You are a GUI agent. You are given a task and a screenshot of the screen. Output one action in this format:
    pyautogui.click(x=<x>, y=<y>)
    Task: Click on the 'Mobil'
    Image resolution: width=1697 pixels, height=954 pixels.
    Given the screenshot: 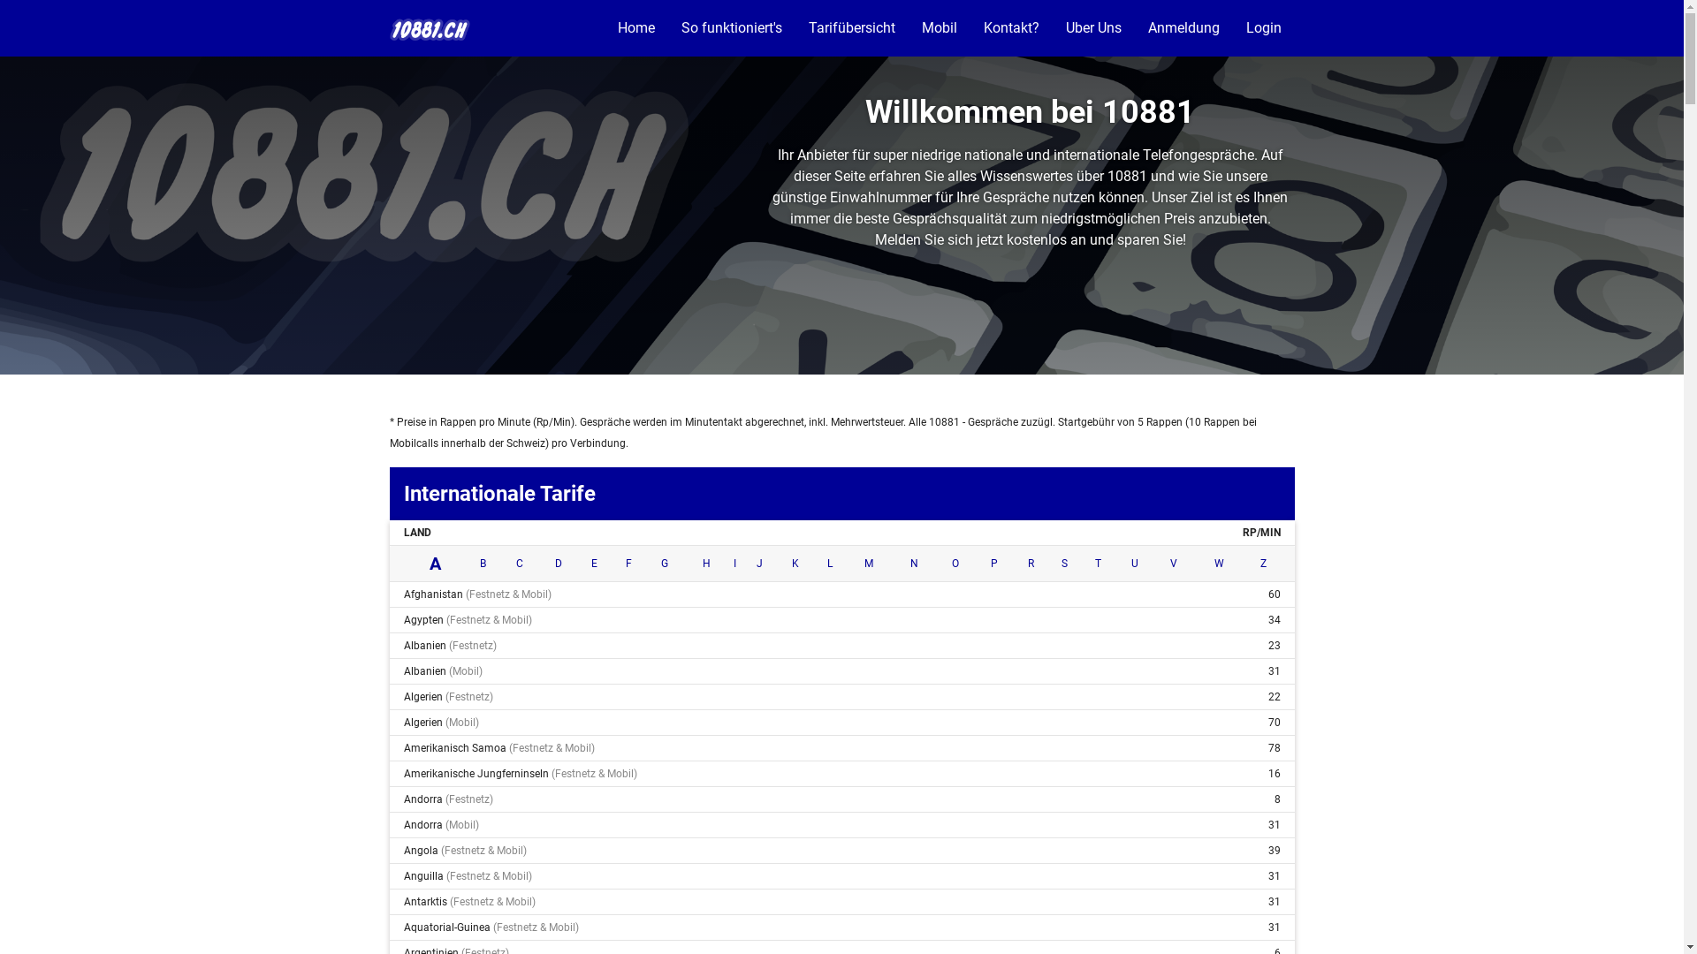 What is the action you would take?
    pyautogui.click(x=938, y=27)
    